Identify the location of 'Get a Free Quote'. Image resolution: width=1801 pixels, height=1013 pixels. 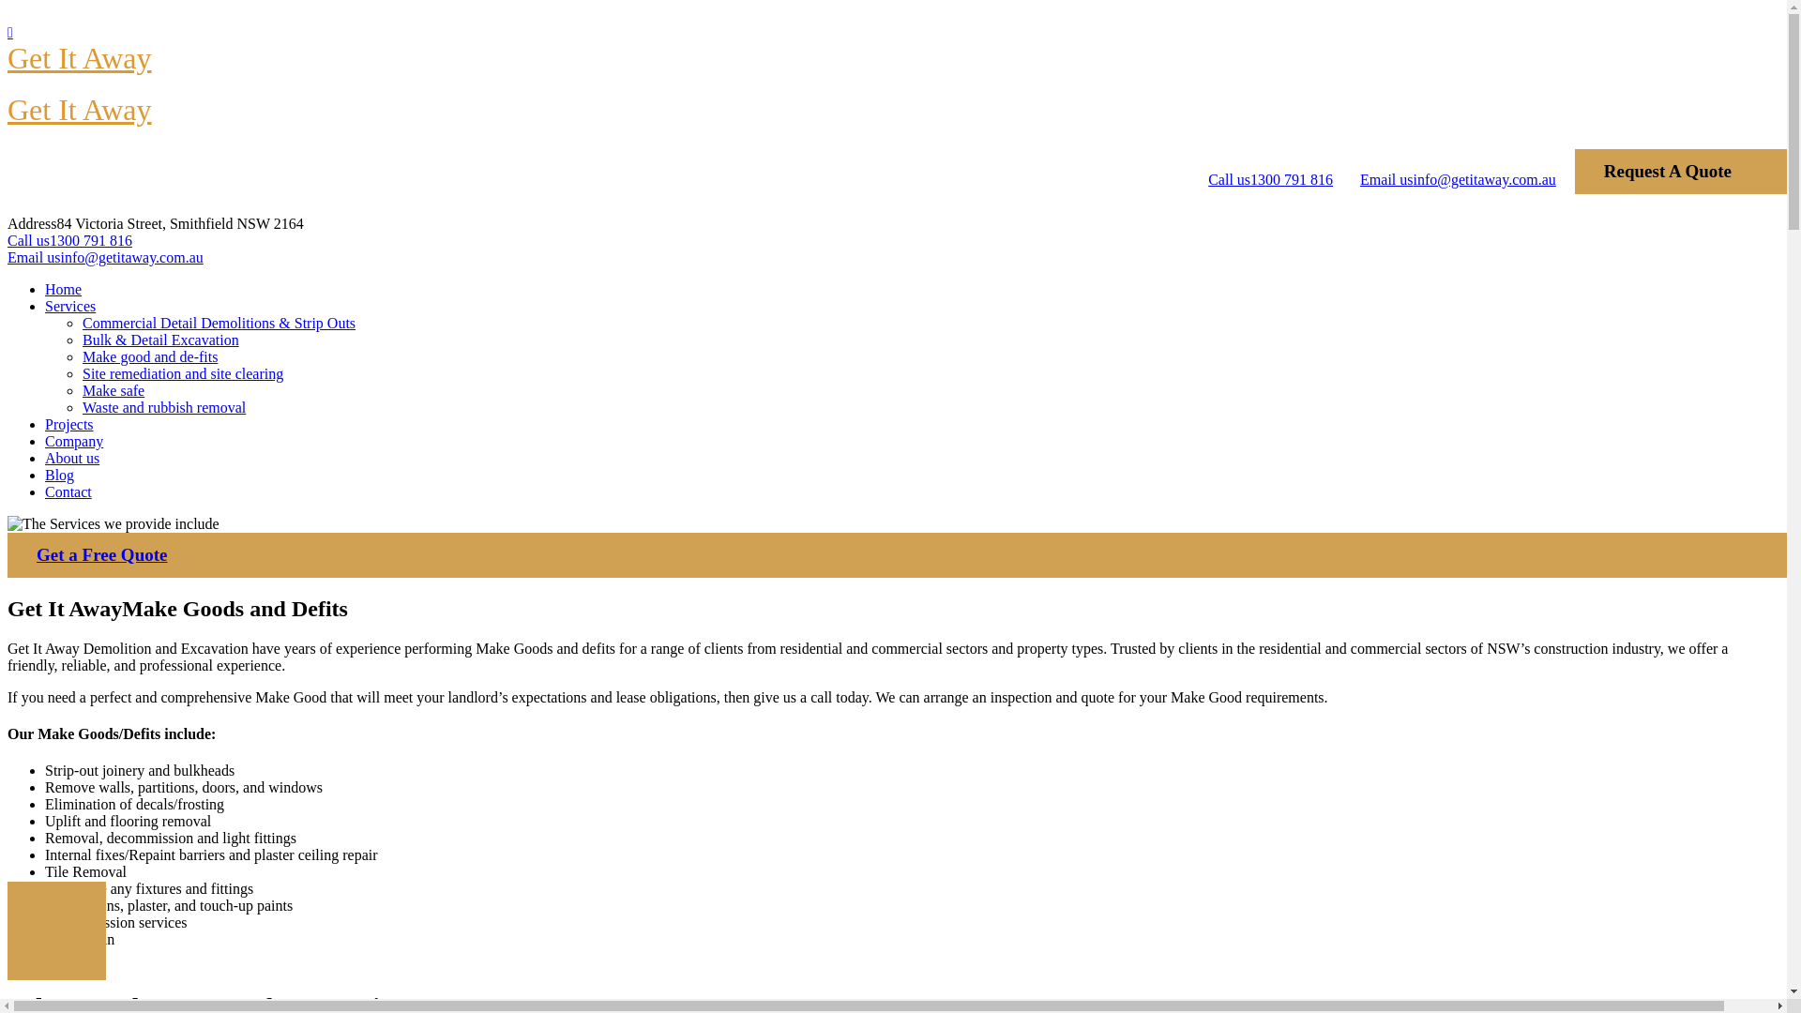
(100, 553).